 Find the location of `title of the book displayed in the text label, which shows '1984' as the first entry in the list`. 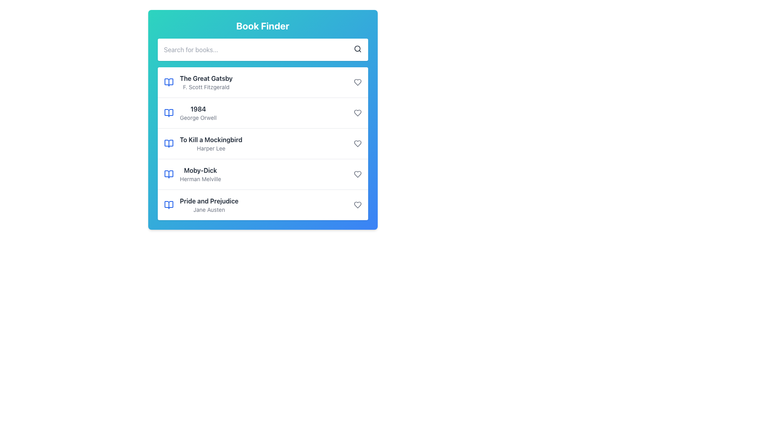

title of the book displayed in the text label, which shows '1984' as the first entry in the list is located at coordinates (198, 109).